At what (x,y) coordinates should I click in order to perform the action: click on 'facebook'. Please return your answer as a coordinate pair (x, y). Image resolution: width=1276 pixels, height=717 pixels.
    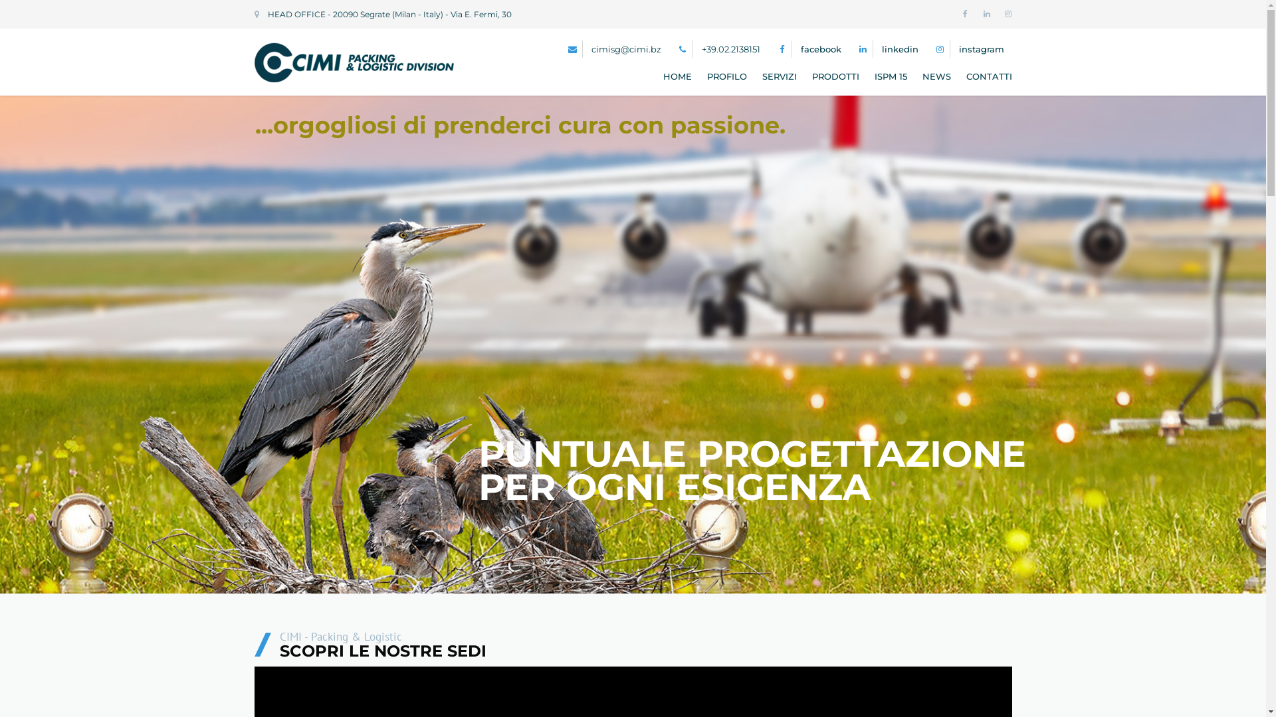
    Looking at the image, I should click on (819, 48).